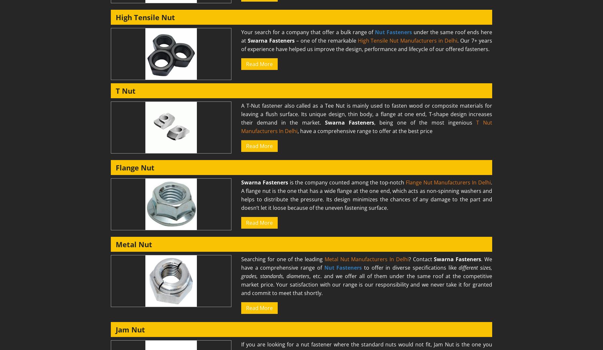  I want to click on 'Searching for one of the leading', so click(283, 259).